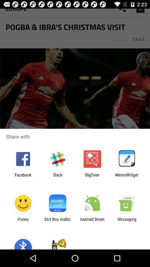  What do you see at coordinates (127, 177) in the screenshot?
I see `memowidget item` at bounding box center [127, 177].